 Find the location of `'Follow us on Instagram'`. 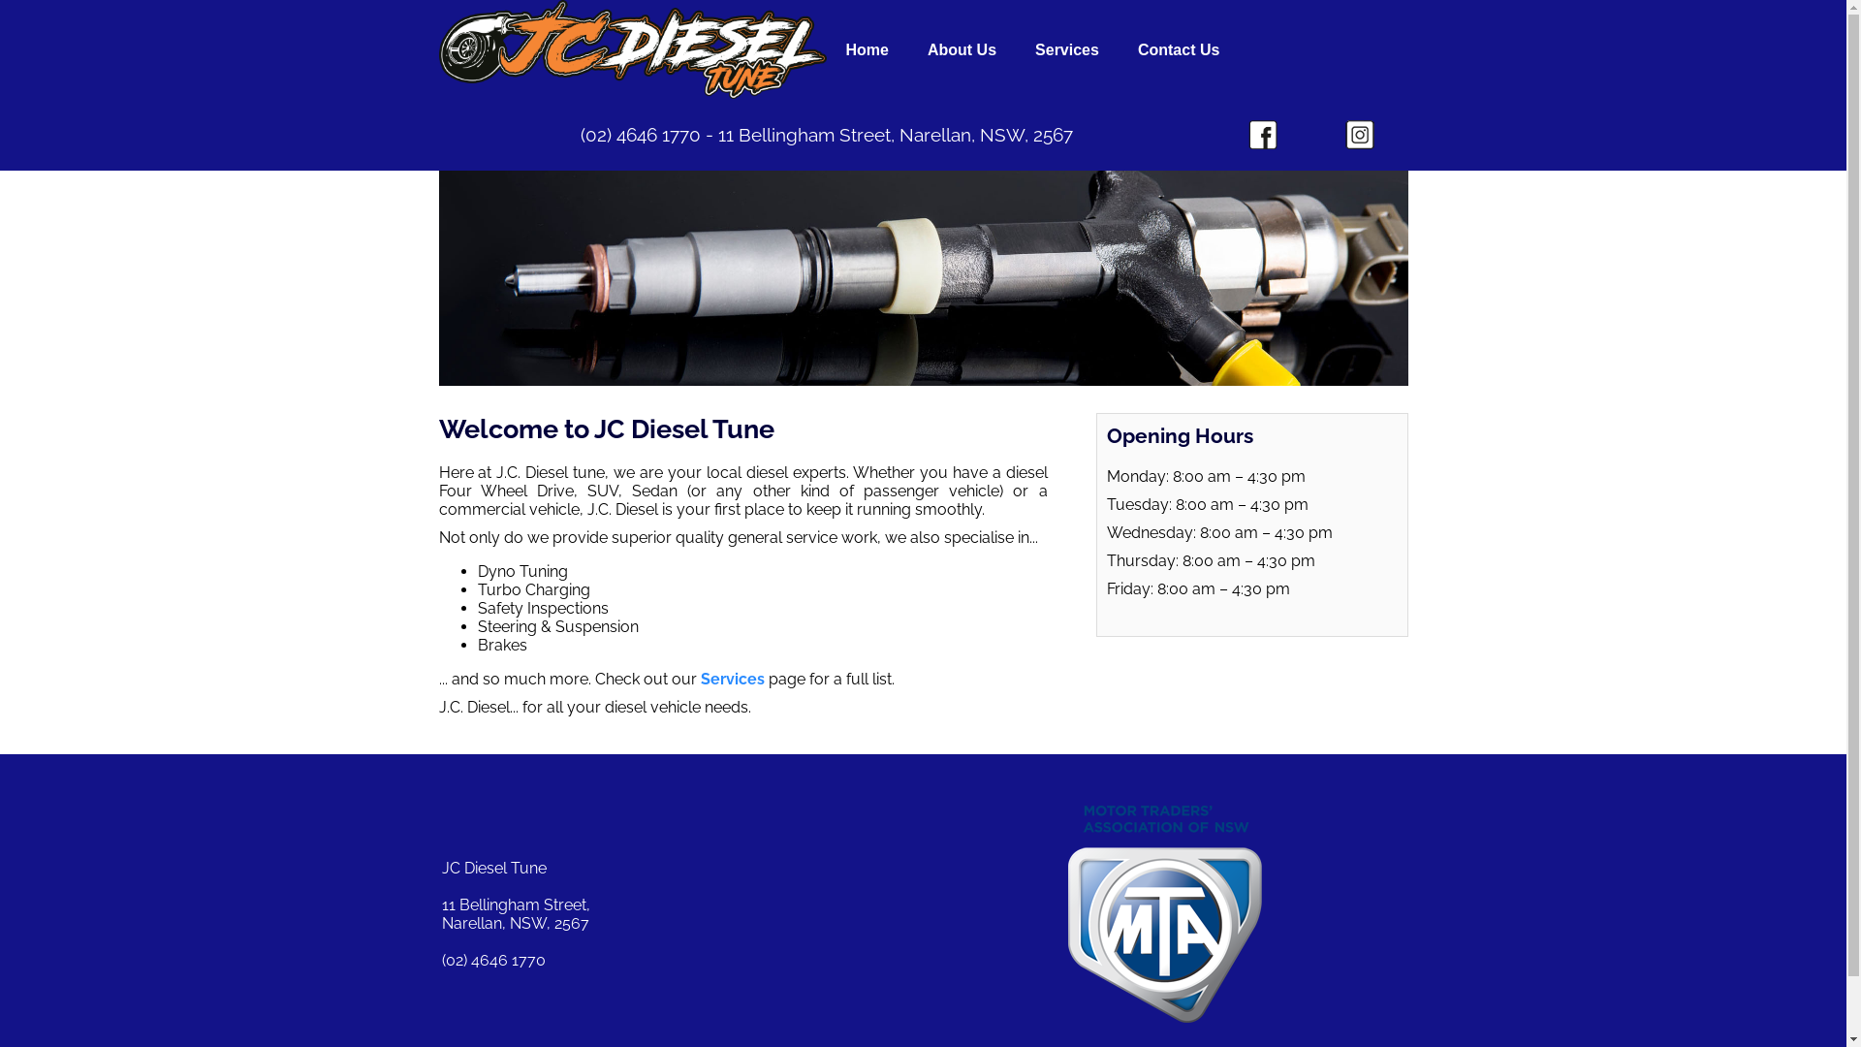

'Follow us on Instagram' is located at coordinates (1358, 133).